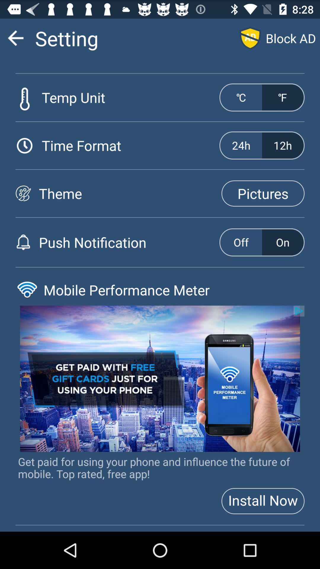 The width and height of the screenshot is (320, 569). What do you see at coordinates (27, 310) in the screenshot?
I see `the network_wifi icon` at bounding box center [27, 310].